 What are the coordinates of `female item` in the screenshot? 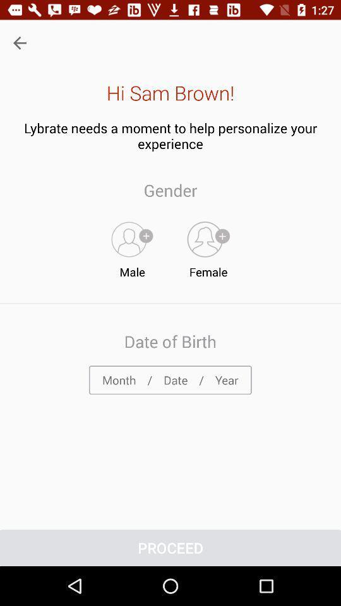 It's located at (208, 246).